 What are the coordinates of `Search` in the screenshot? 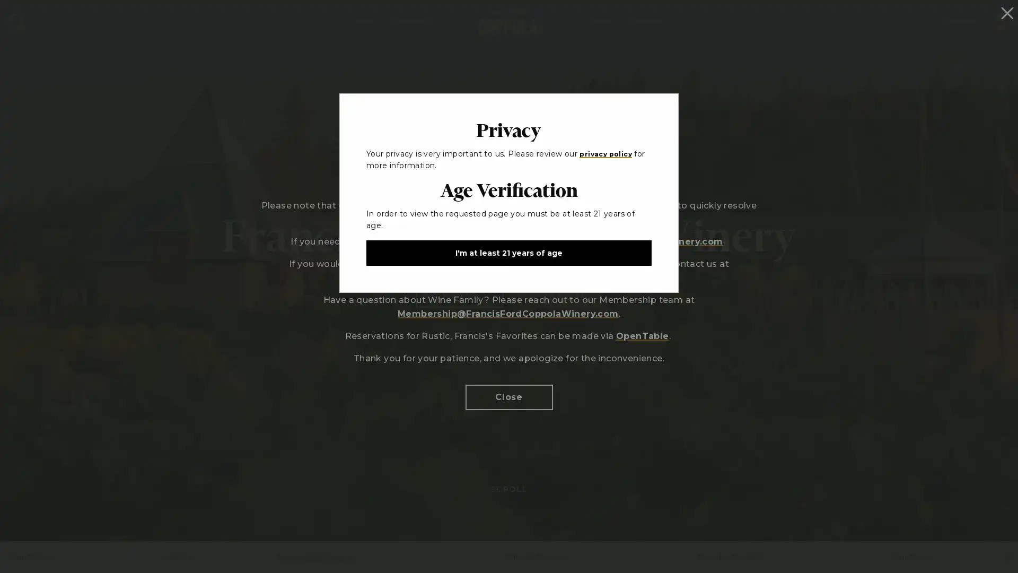 It's located at (17, 21).